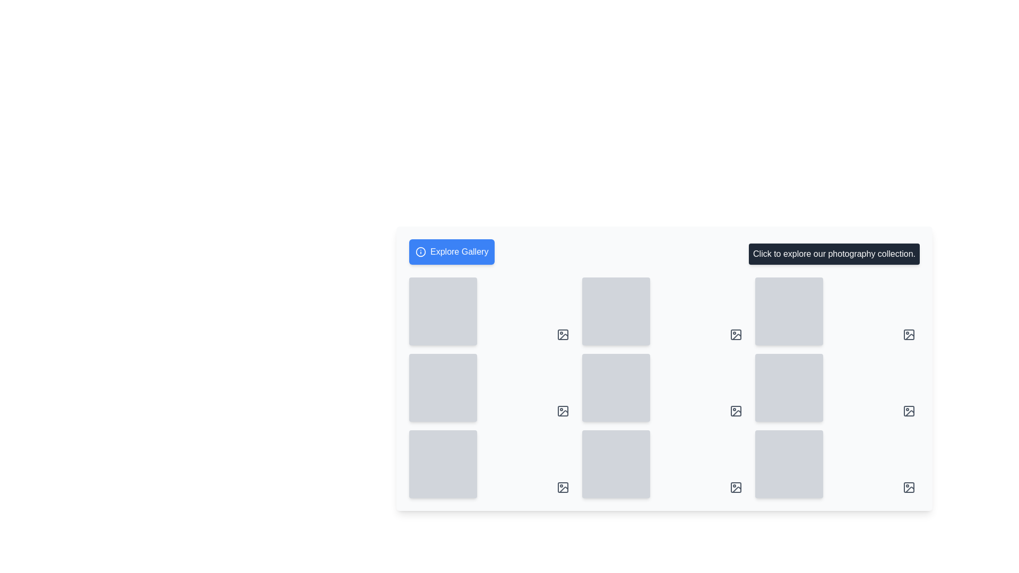 This screenshot has width=1019, height=573. What do you see at coordinates (736, 411) in the screenshot?
I see `the image icon located at the bottom-right corner of a grid cell in the gallery layout` at bounding box center [736, 411].